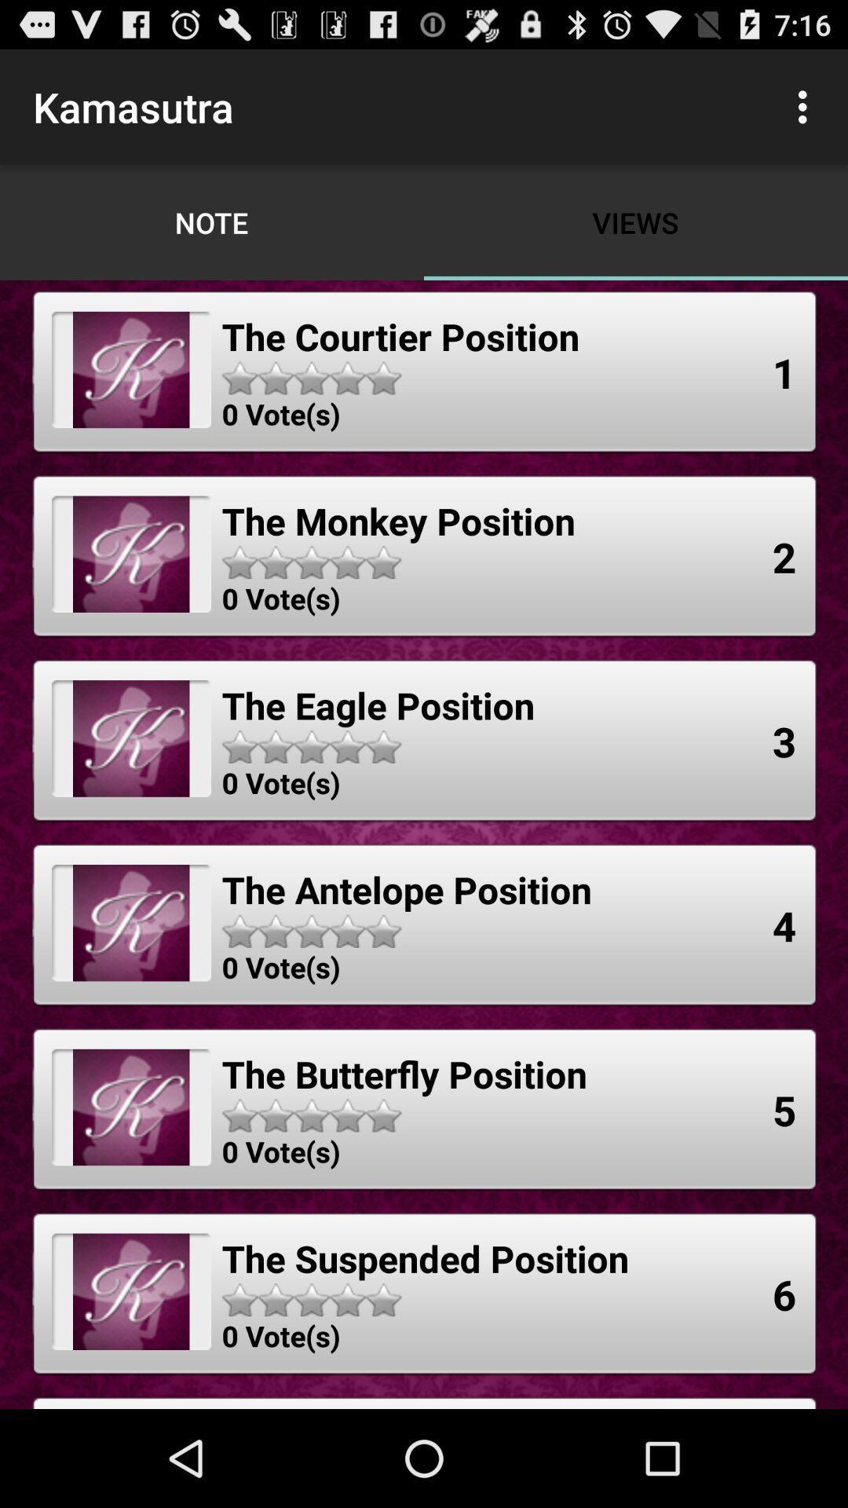  Describe the element at coordinates (406, 889) in the screenshot. I see `item below the 0 vote(s) icon` at that location.